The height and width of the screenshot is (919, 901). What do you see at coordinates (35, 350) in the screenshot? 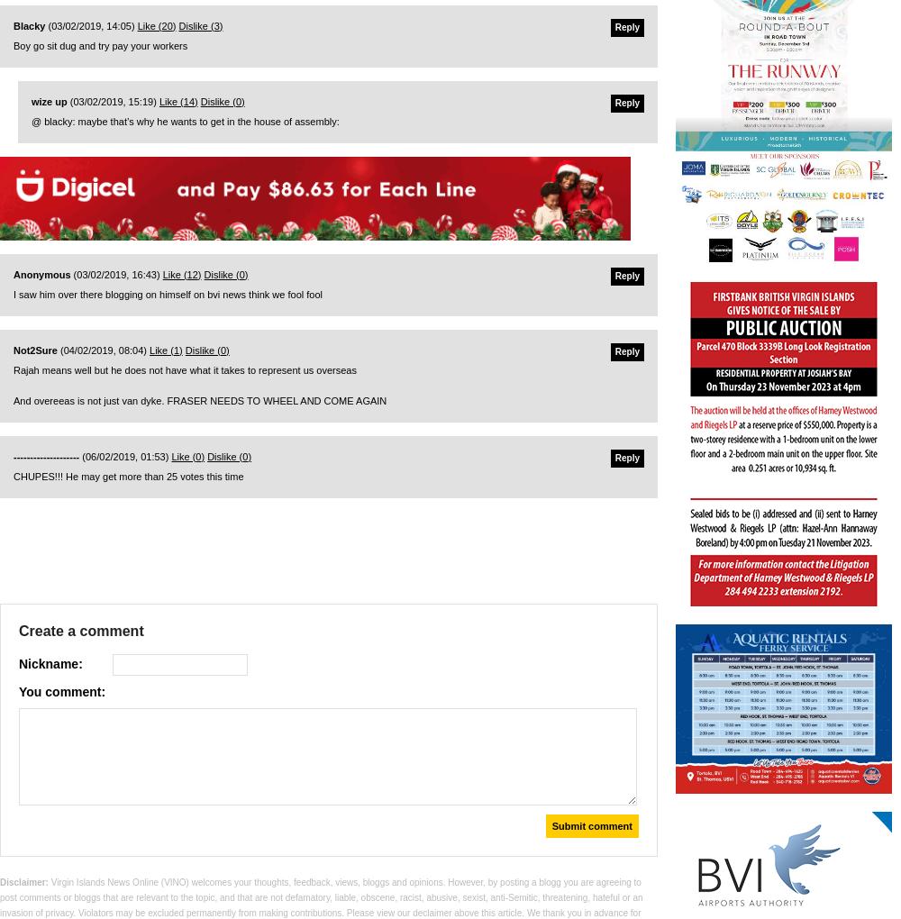
I see `'Not2Sure'` at bounding box center [35, 350].